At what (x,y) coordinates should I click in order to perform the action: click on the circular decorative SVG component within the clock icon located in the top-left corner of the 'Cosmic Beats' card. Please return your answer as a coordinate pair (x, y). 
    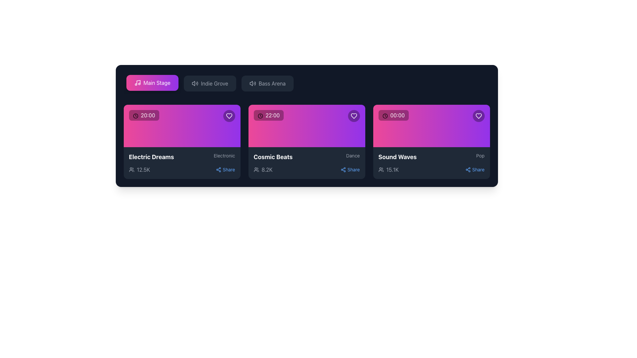
    Looking at the image, I should click on (260, 115).